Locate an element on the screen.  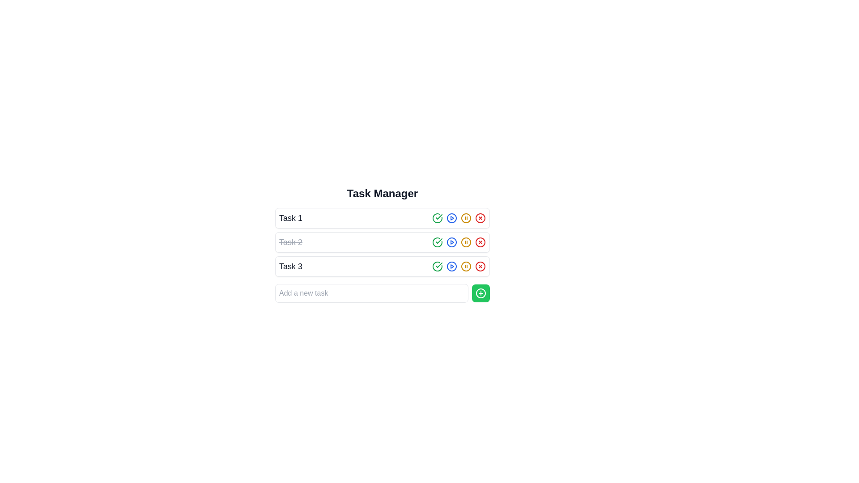
the circular graphical boundary of the play button located in the second row of the task list for Task 2 is located at coordinates (451, 218).